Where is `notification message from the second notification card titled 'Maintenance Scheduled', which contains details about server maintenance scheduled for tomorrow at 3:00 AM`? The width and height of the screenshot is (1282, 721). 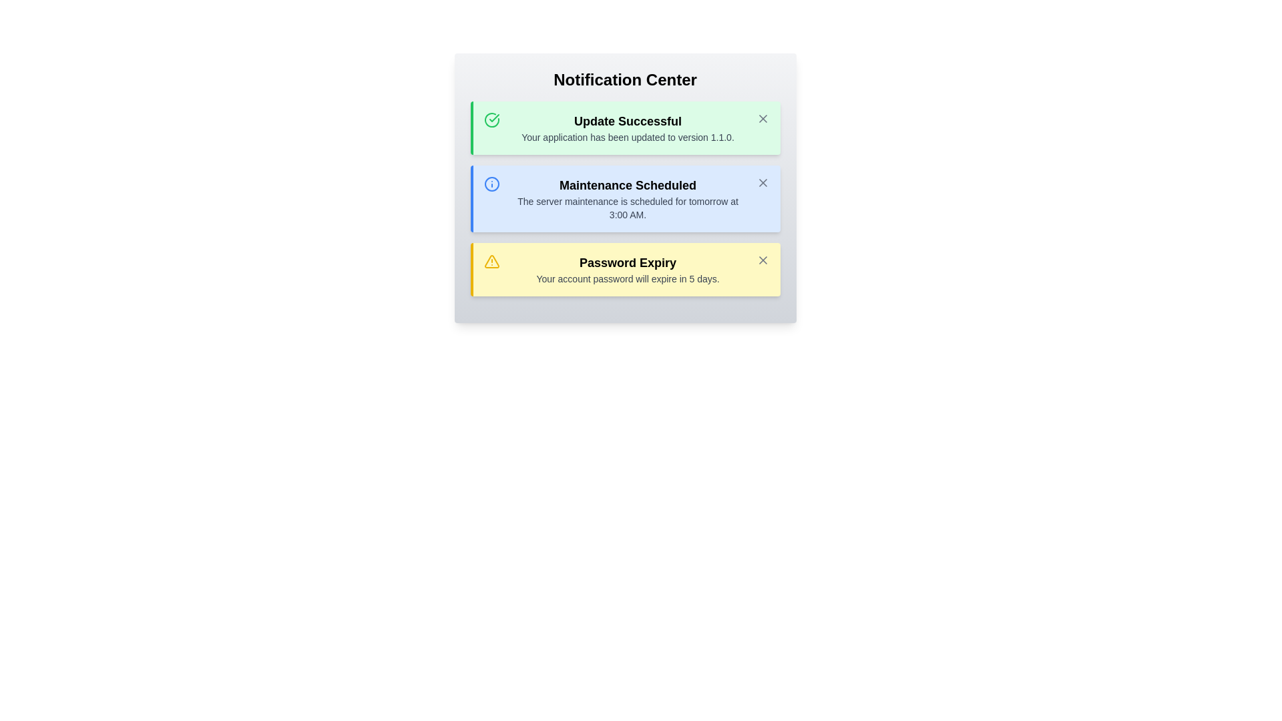
notification message from the second notification card titled 'Maintenance Scheduled', which contains details about server maintenance scheduled for tomorrow at 3:00 AM is located at coordinates (624, 198).